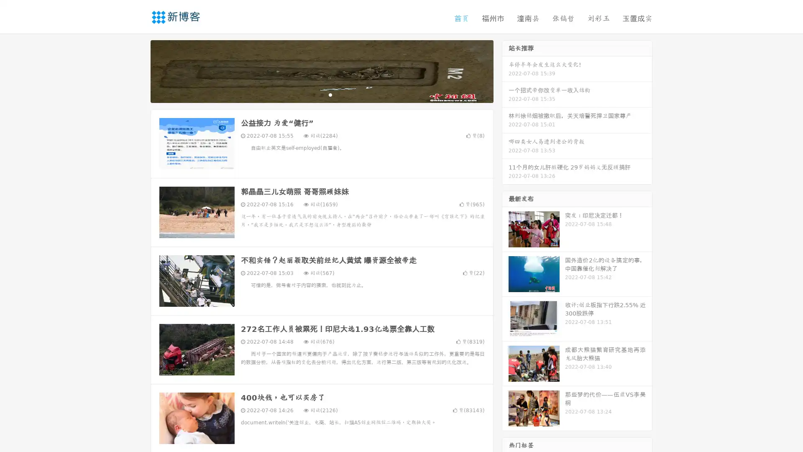 Image resolution: width=803 pixels, height=452 pixels. What do you see at coordinates (321, 94) in the screenshot?
I see `Go to slide 2` at bounding box center [321, 94].